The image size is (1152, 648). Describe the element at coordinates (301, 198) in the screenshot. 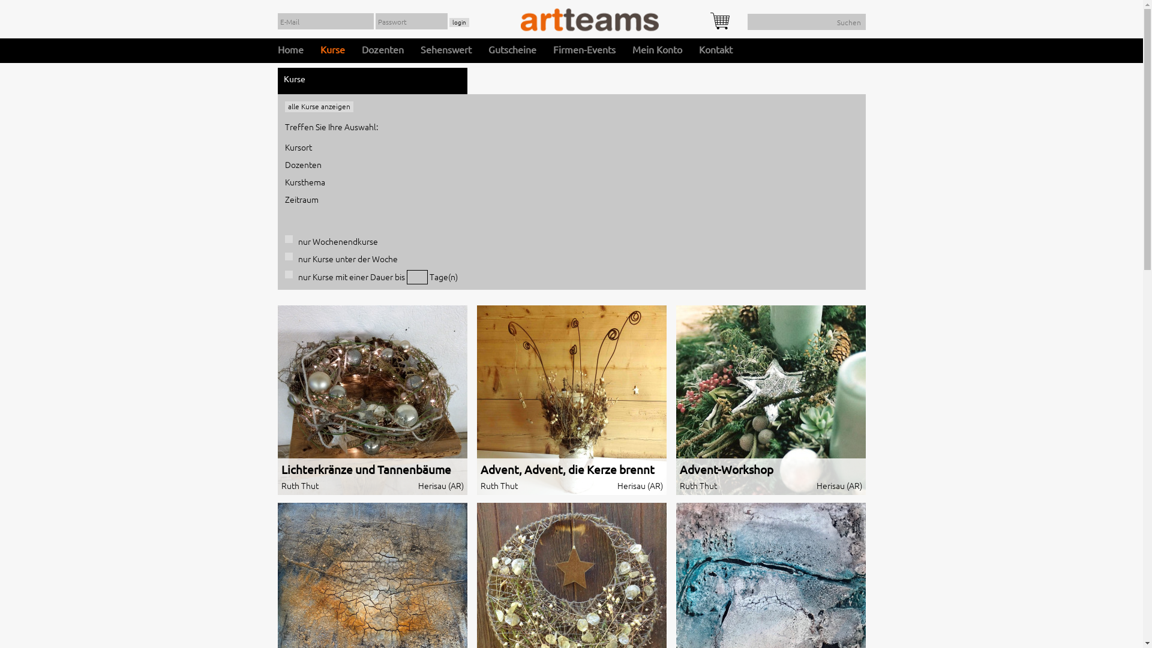

I see `'Zeitraum'` at that location.